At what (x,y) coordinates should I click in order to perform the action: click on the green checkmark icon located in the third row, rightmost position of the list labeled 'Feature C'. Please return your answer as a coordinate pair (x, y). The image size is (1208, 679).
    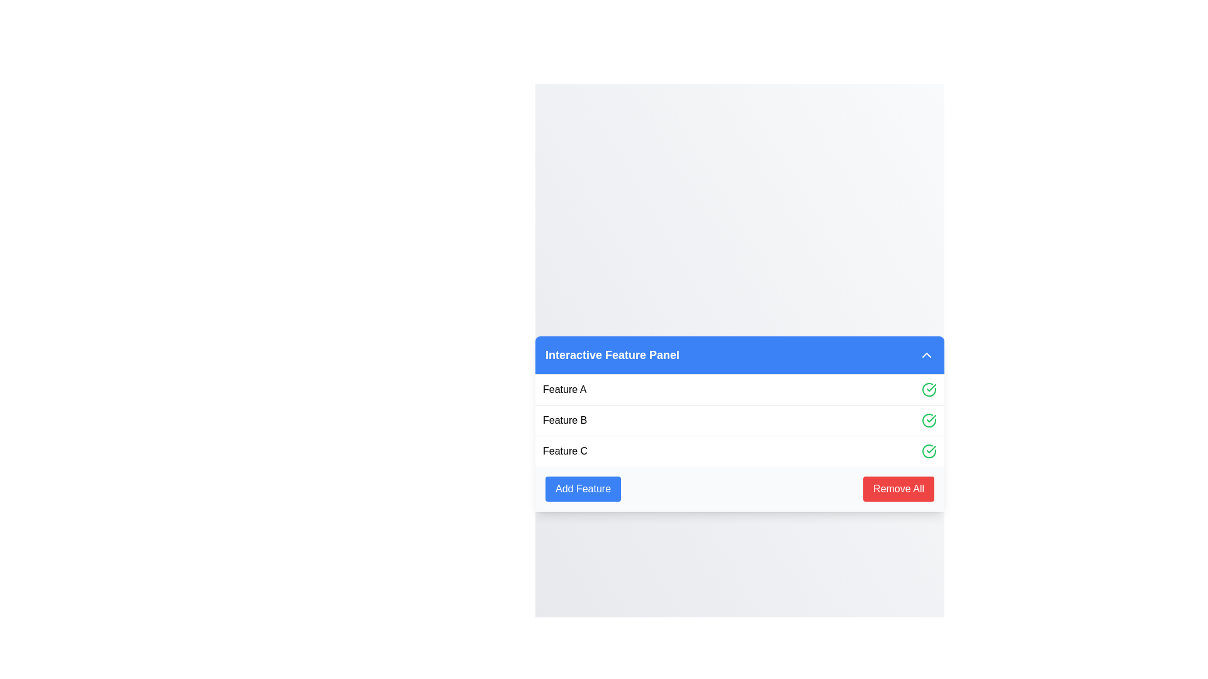
    Looking at the image, I should click on (929, 450).